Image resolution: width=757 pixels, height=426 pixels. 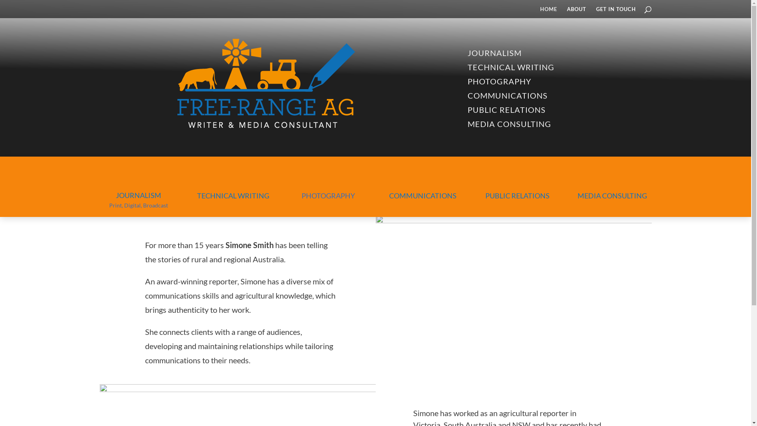 I want to click on 'ABOUT', so click(x=576, y=12).